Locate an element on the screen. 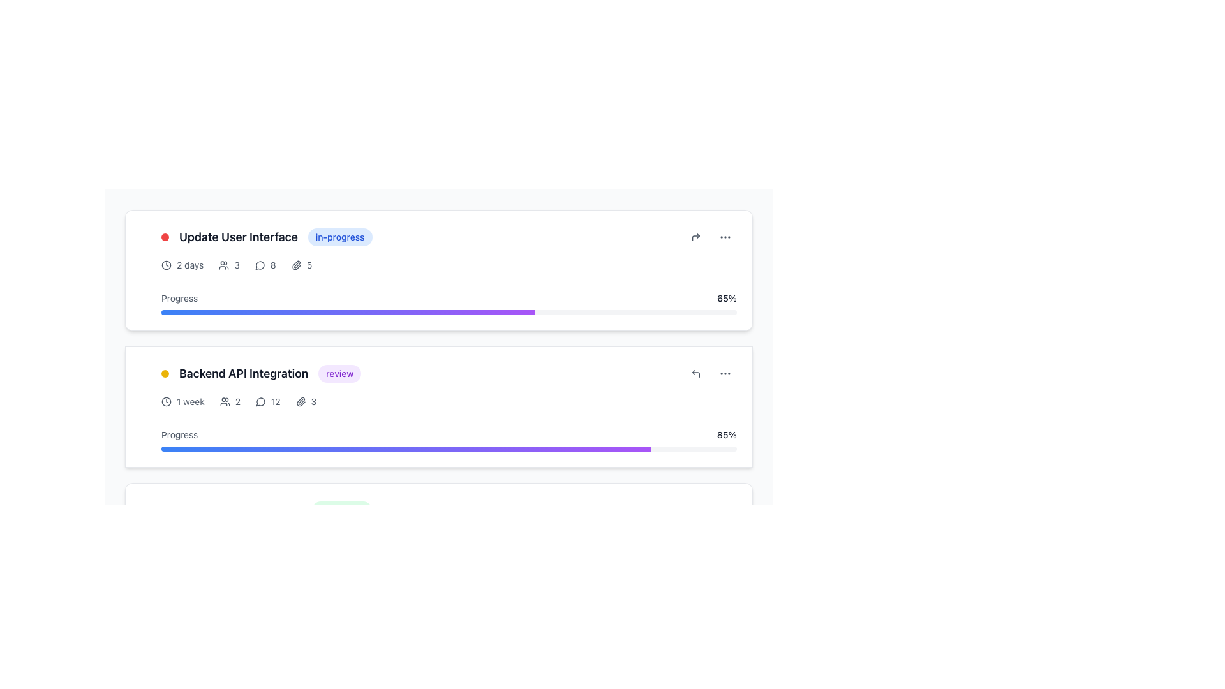  the horizontal progress bar which has a light gray background and a filled portion transitioning from blue to purple, indicating 65% progress is located at coordinates (449, 312).